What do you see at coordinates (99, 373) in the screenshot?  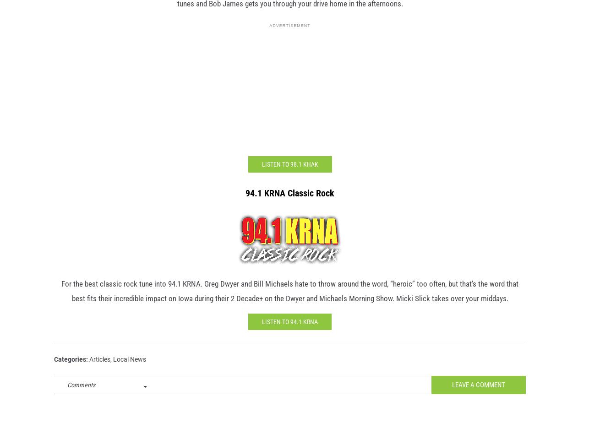 I see `'Articles'` at bounding box center [99, 373].